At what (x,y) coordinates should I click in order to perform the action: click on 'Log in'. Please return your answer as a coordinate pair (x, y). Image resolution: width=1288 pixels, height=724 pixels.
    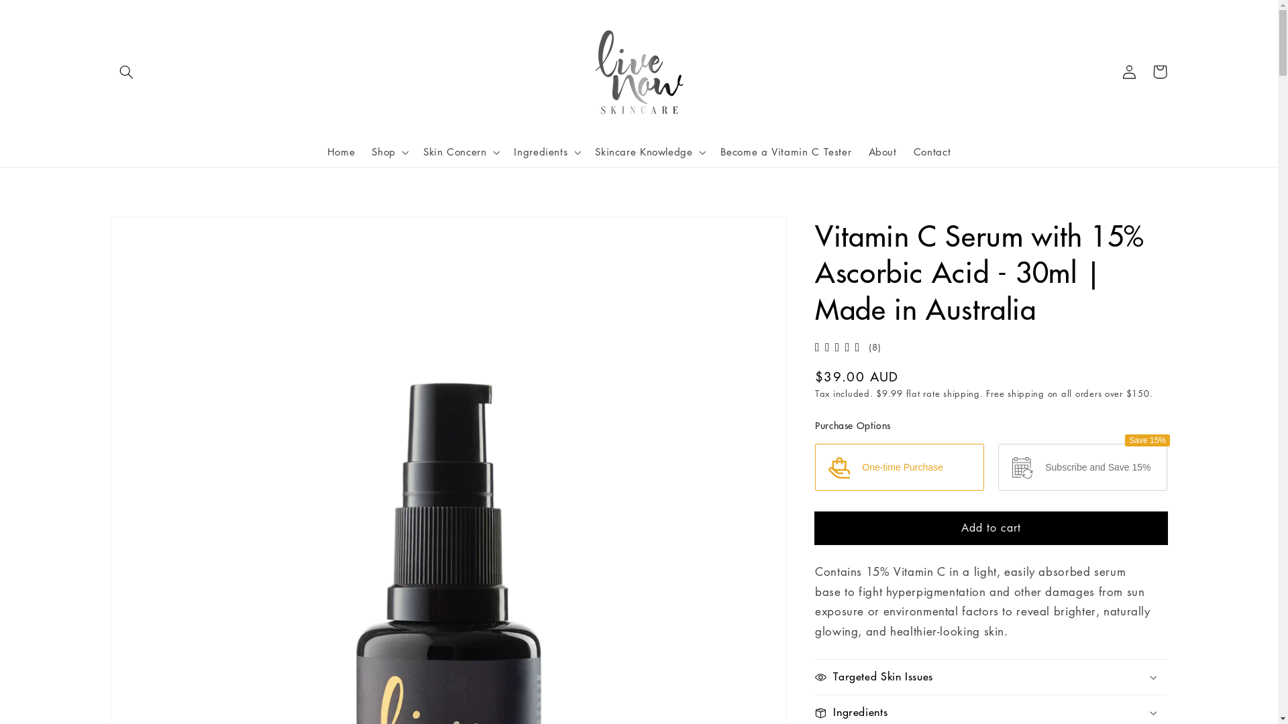
    Looking at the image, I should click on (1128, 72).